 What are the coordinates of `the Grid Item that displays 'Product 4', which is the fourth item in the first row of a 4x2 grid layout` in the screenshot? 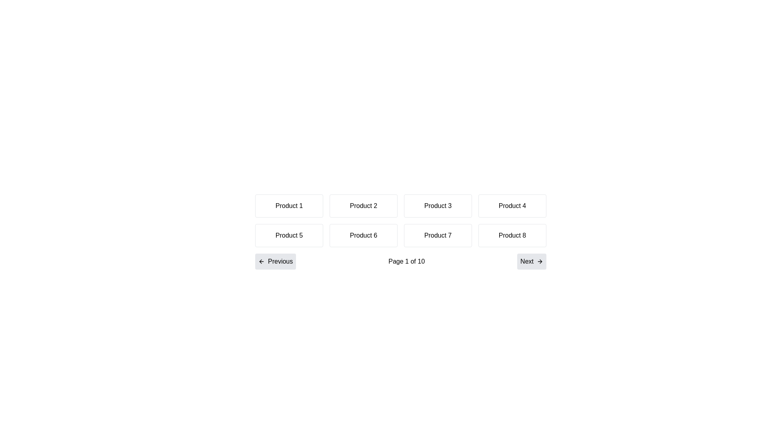 It's located at (512, 206).